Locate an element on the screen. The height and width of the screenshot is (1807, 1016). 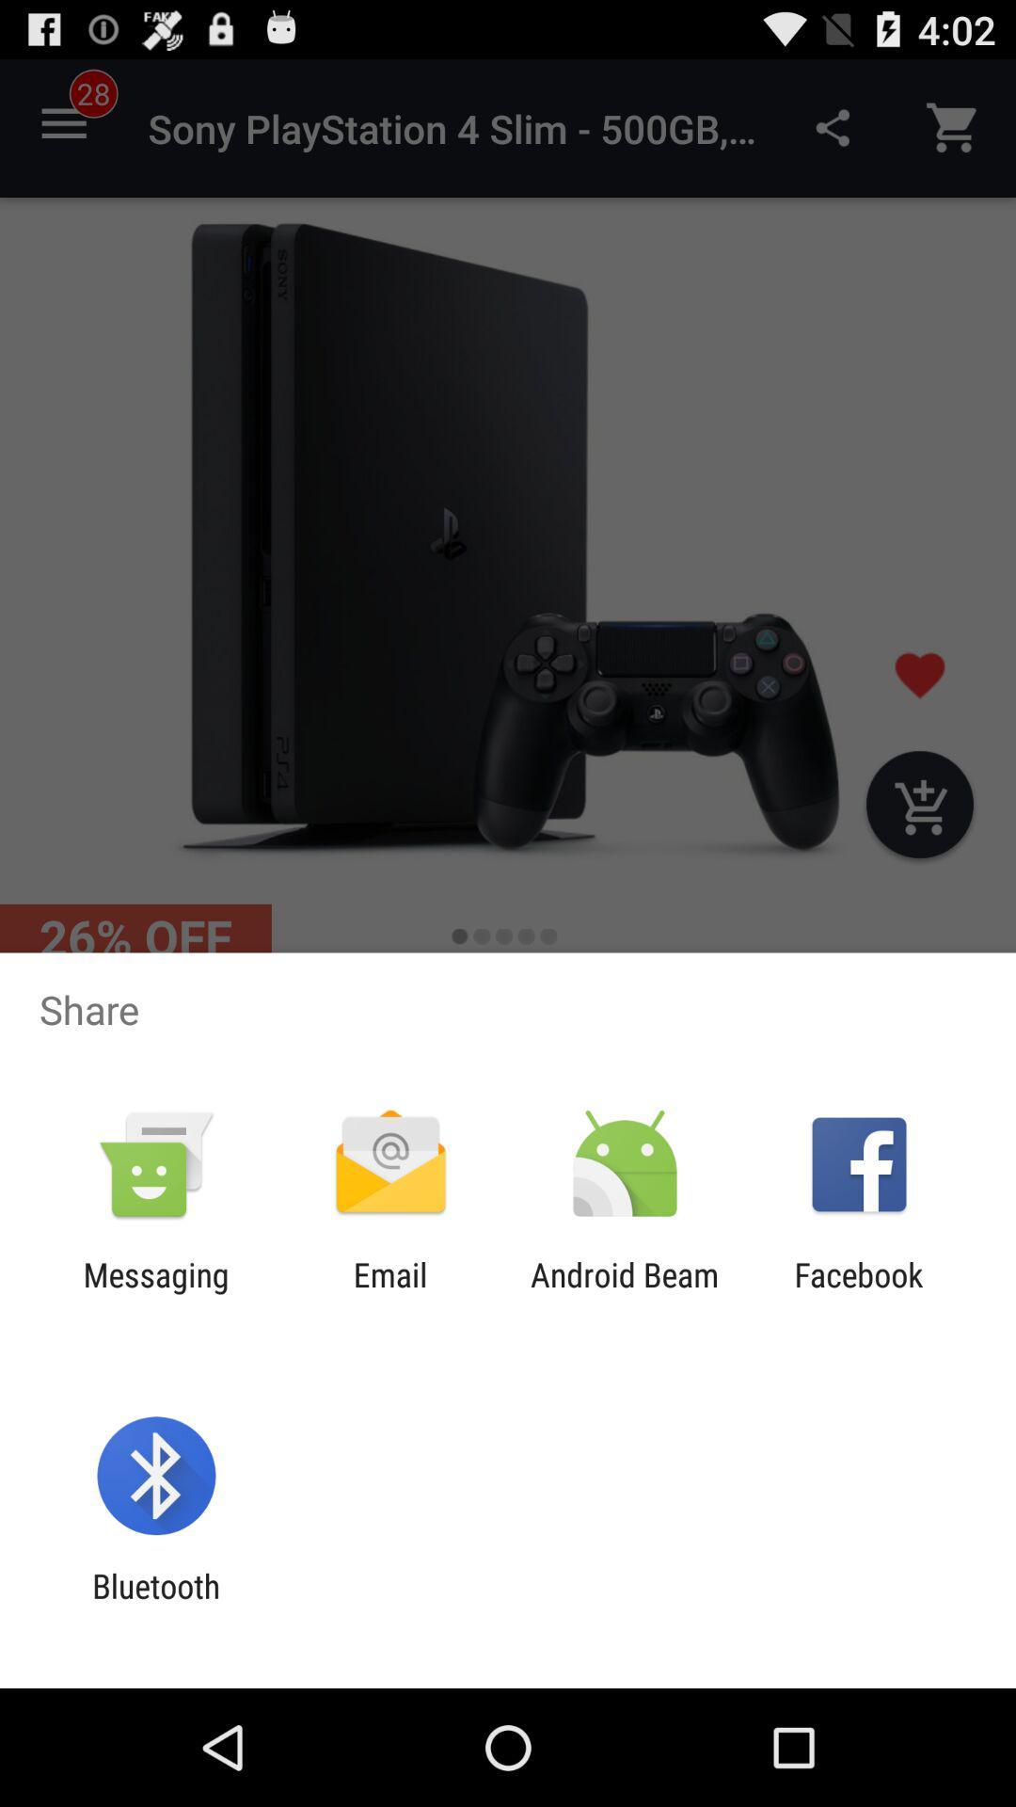
email item is located at coordinates (389, 1293).